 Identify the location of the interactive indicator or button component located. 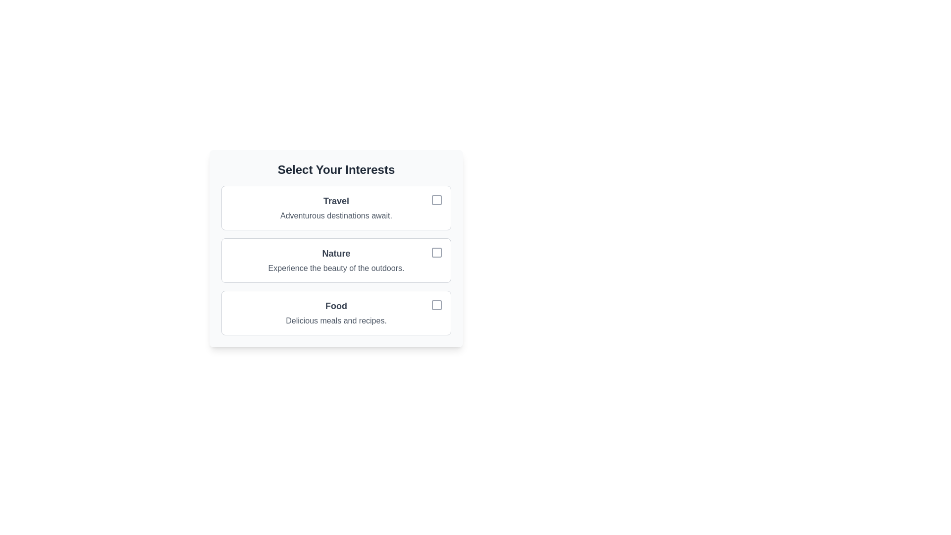
(436, 305).